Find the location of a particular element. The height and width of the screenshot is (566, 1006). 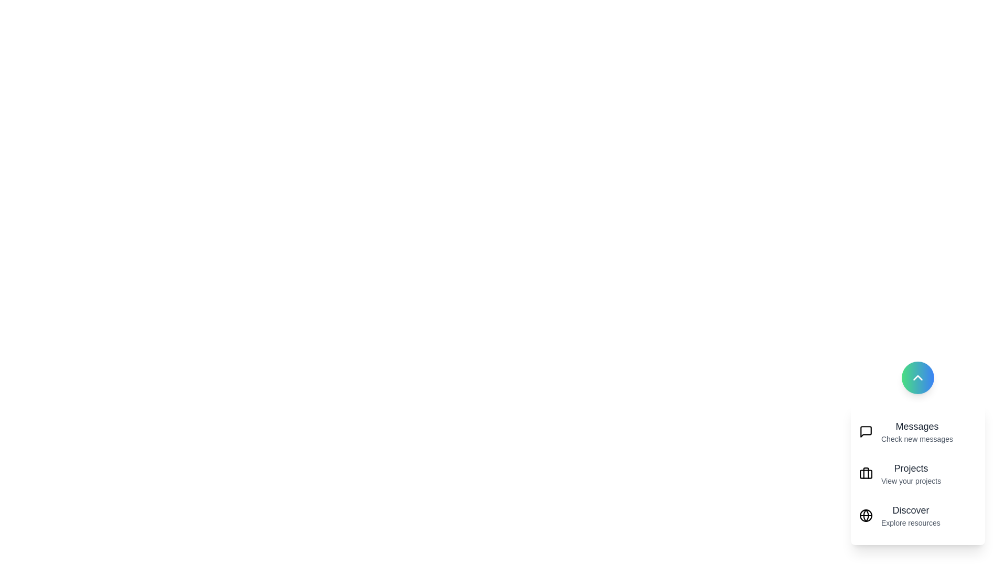

the 'Messages' item to perform its action is located at coordinates (917, 432).